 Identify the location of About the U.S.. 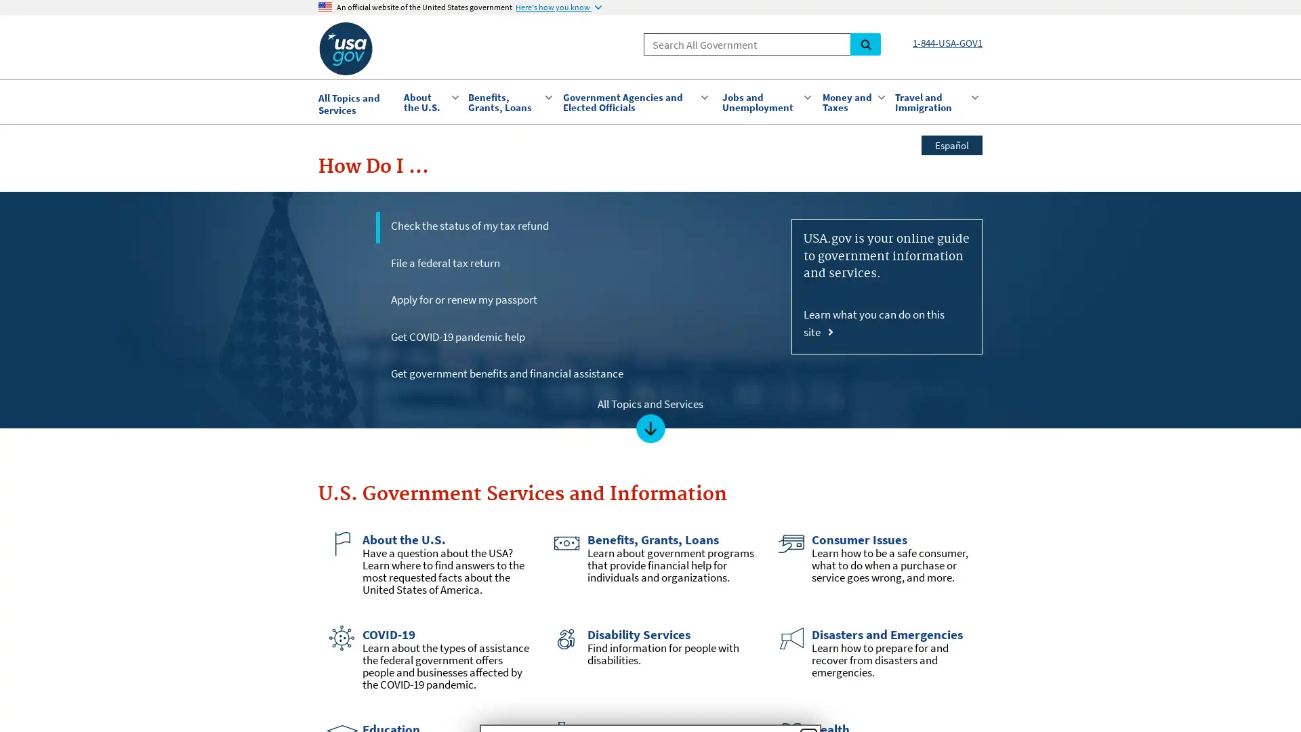
(428, 101).